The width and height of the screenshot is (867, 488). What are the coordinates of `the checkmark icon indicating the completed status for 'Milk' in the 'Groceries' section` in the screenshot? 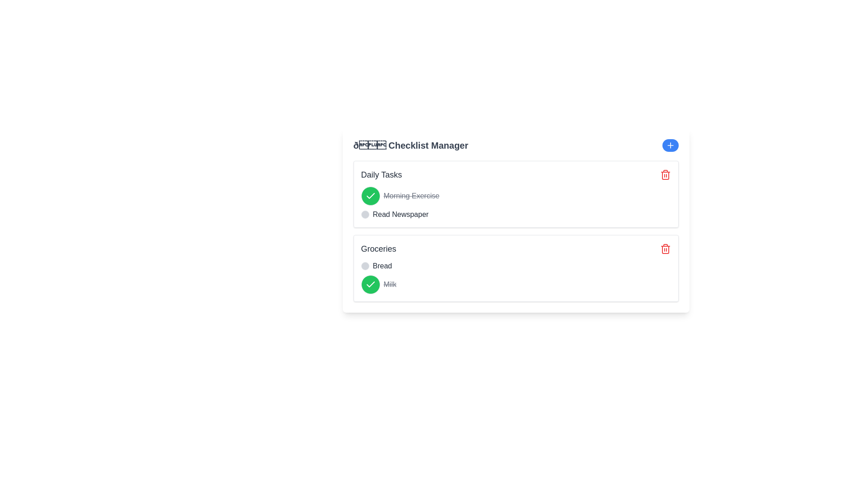 It's located at (370, 195).